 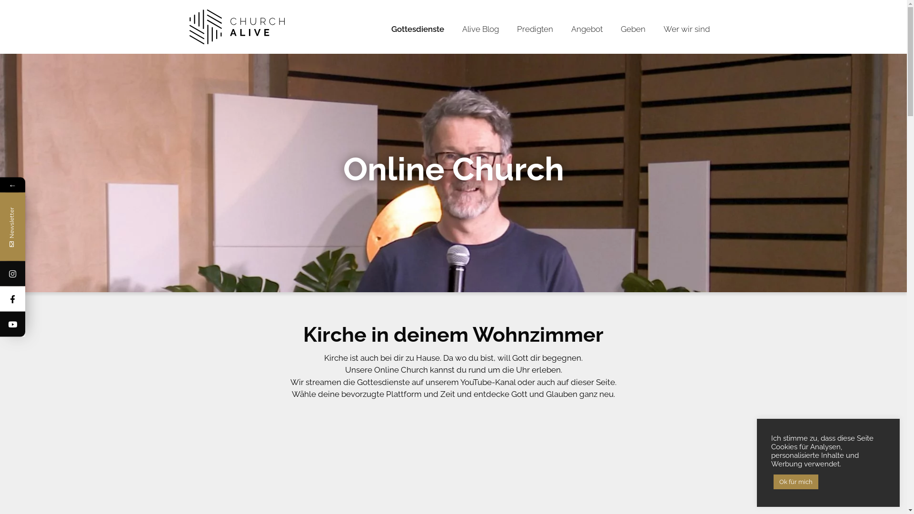 What do you see at coordinates (633, 29) in the screenshot?
I see `'Geben'` at bounding box center [633, 29].